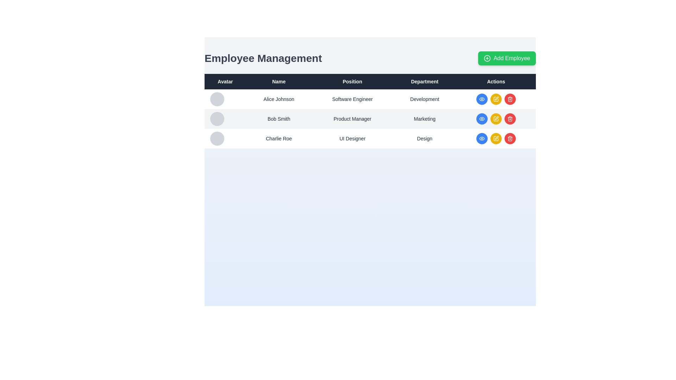 The height and width of the screenshot is (380, 676). What do you see at coordinates (225, 138) in the screenshot?
I see `graphical avatar placeholder for the user 'Charlie Roe' located in the leftmost column of the employee table` at bounding box center [225, 138].